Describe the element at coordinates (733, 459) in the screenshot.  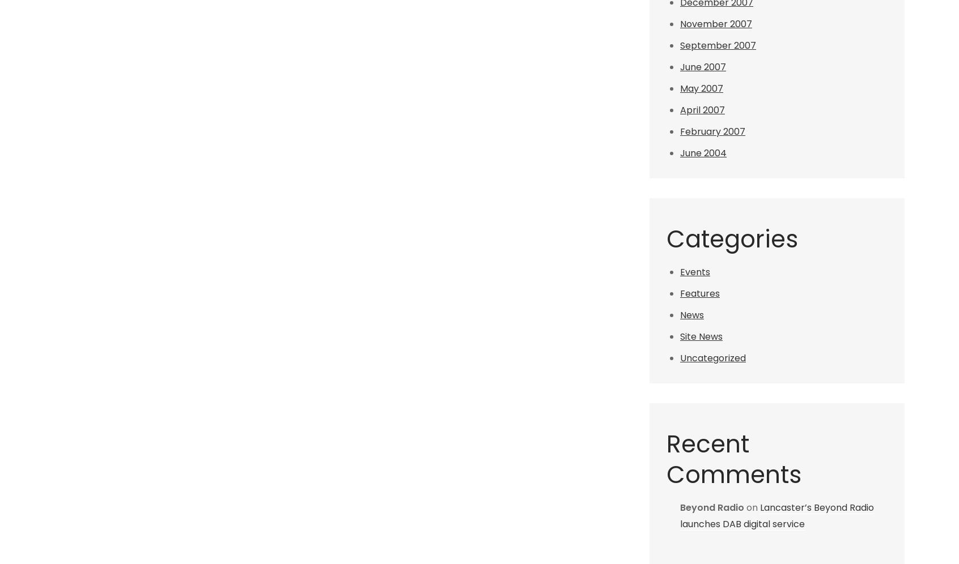
I see `'Recent Comments'` at that location.